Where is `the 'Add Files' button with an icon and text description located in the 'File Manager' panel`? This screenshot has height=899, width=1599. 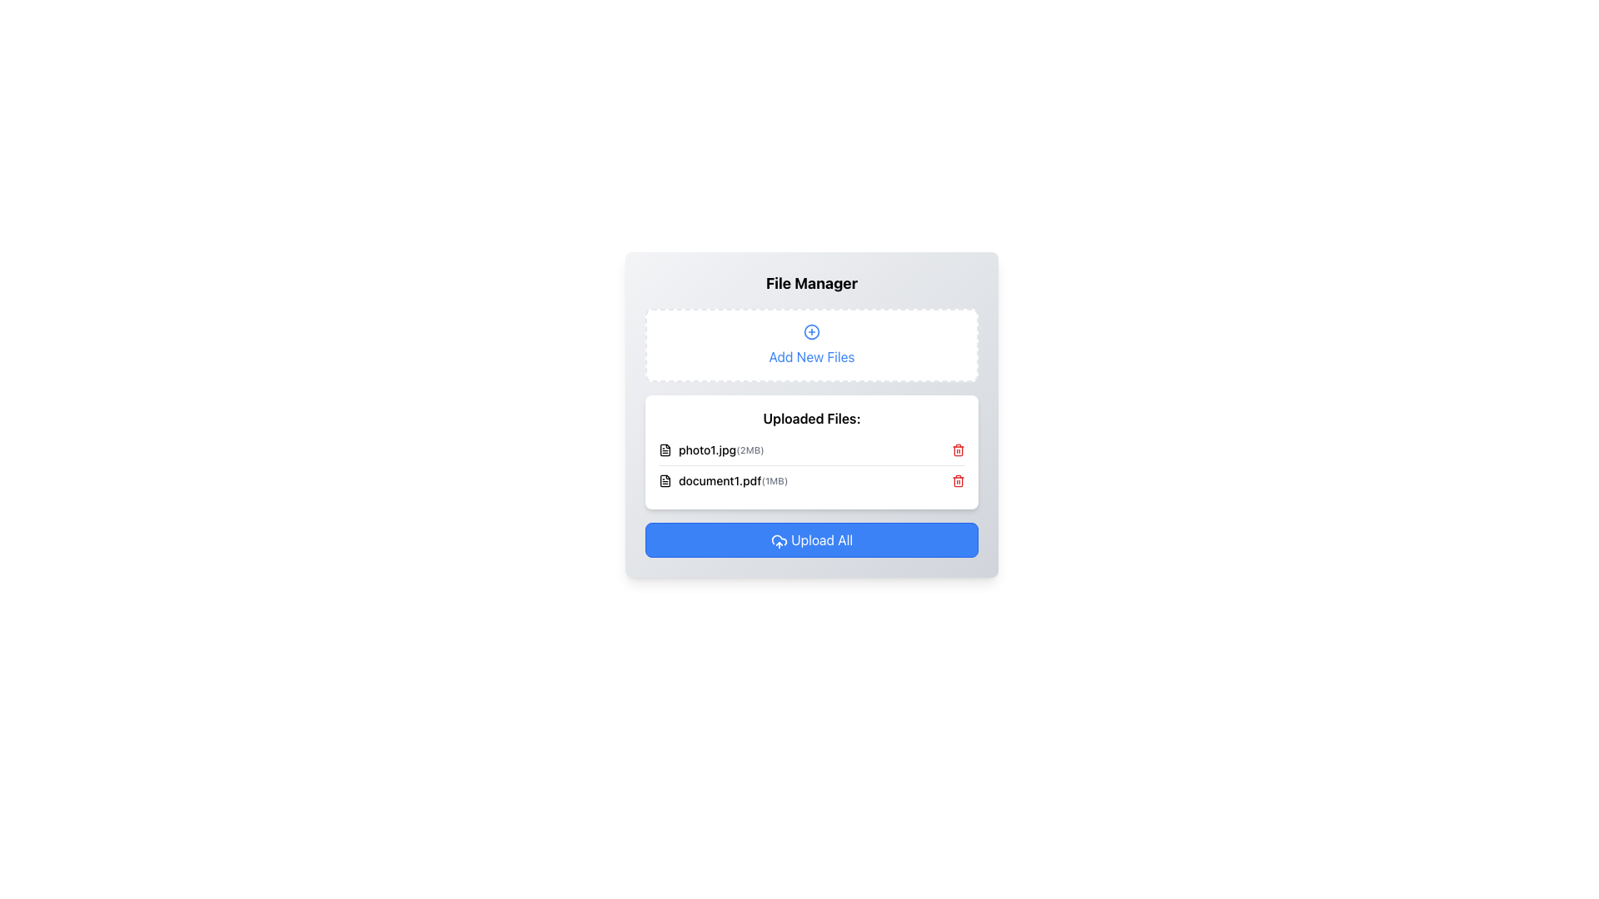
the 'Add Files' button with an icon and text description located in the 'File Manager' panel is located at coordinates (811, 345).